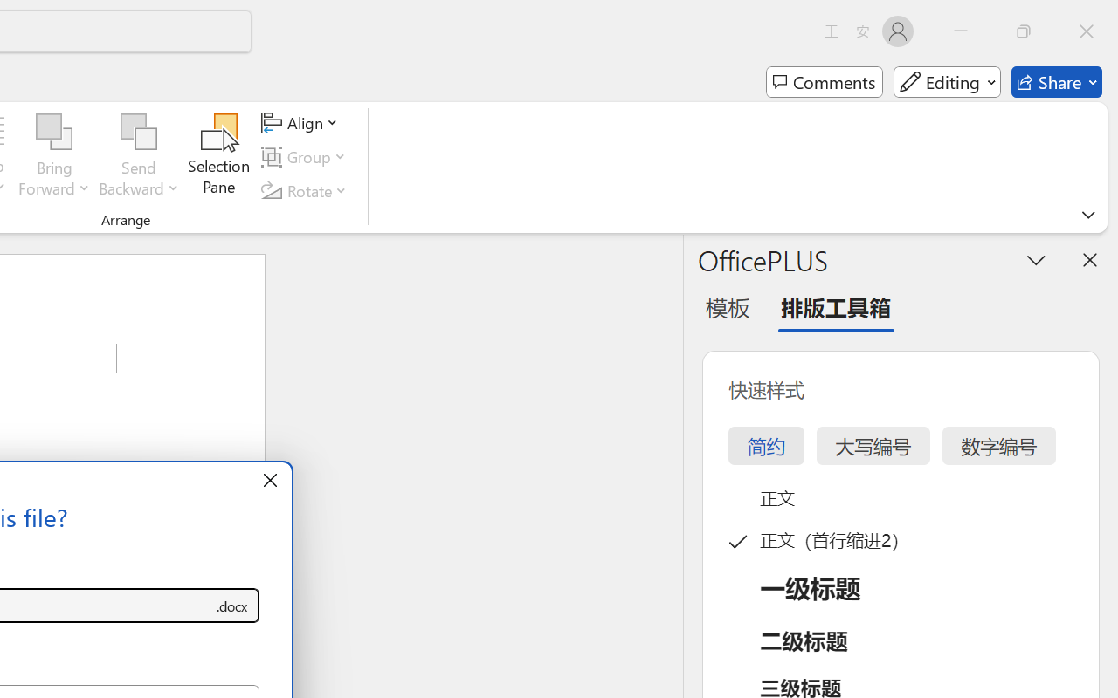 This screenshot has width=1118, height=698. Describe the element at coordinates (302, 123) in the screenshot. I see `'Align'` at that location.